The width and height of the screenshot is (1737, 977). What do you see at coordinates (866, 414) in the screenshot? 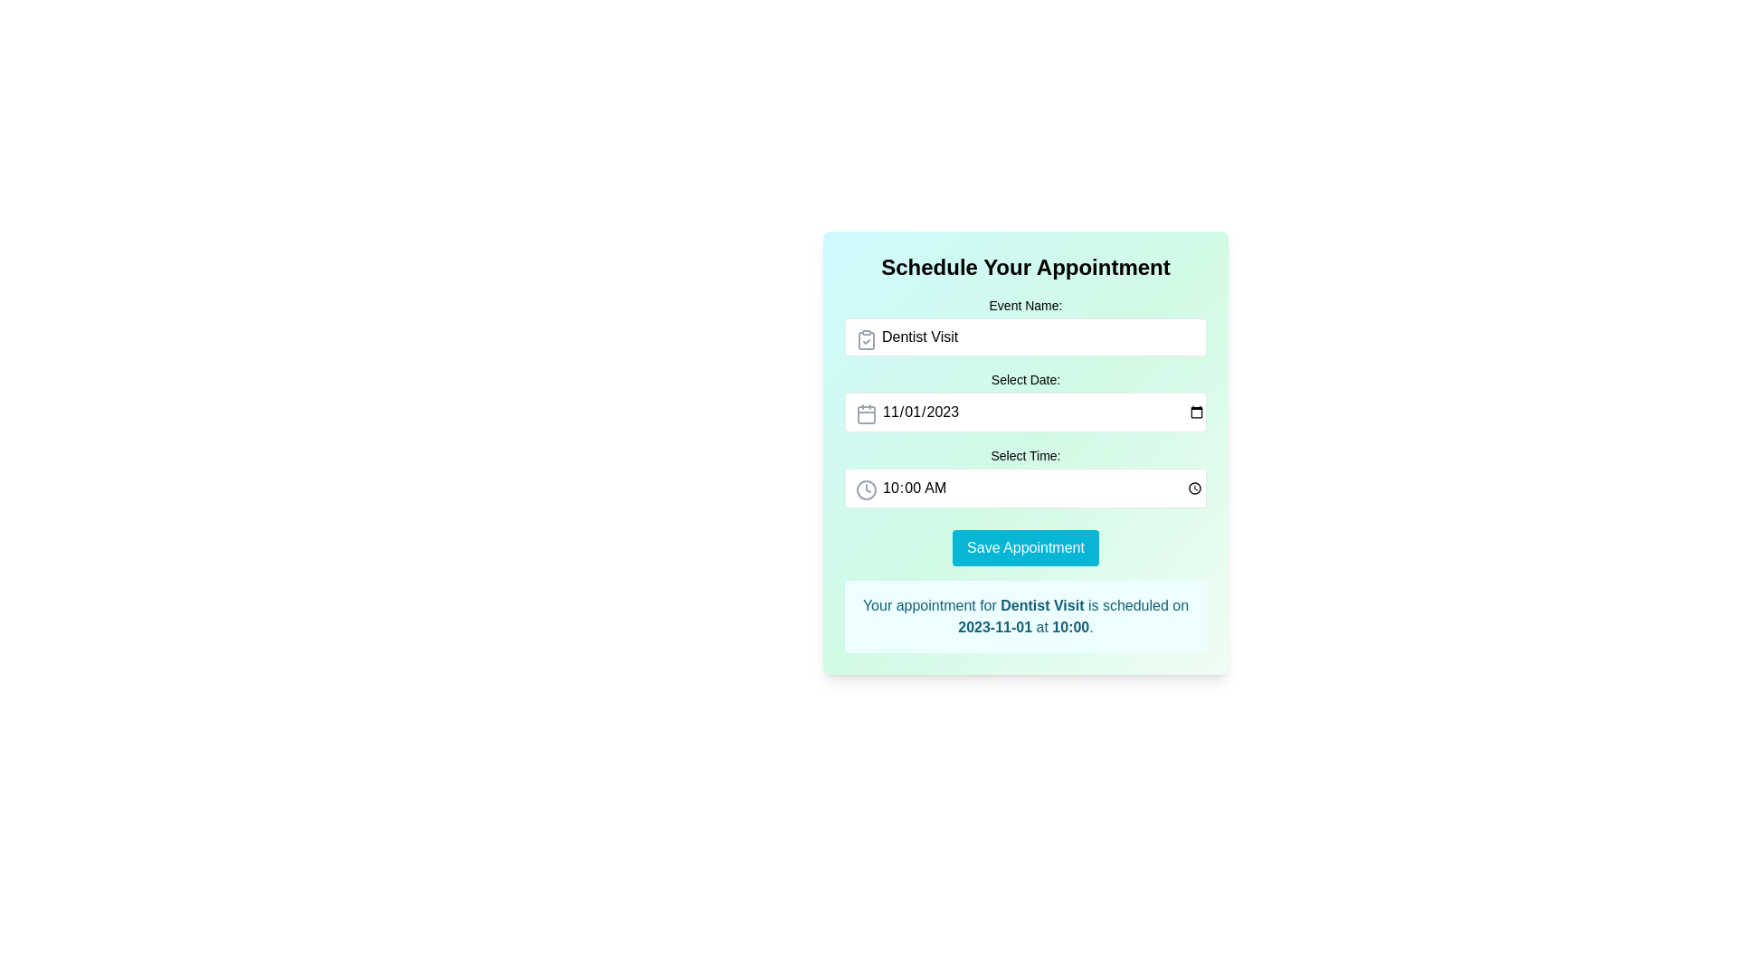
I see `the date selection icon located to the left of the date input field` at bounding box center [866, 414].